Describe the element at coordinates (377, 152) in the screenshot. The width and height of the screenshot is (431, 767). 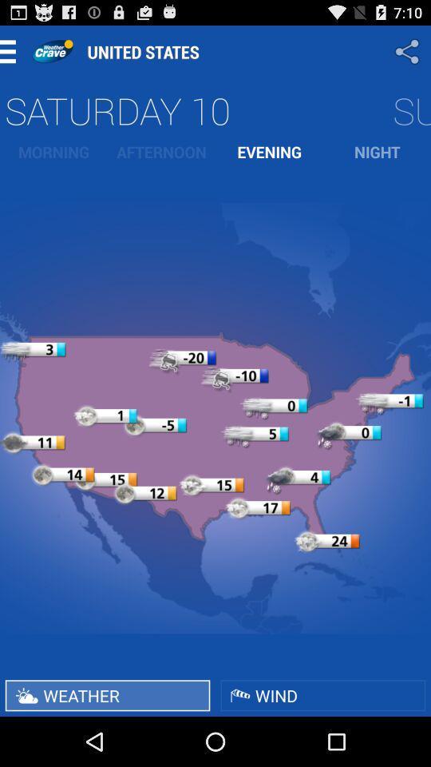
I see `item next to the evening` at that location.